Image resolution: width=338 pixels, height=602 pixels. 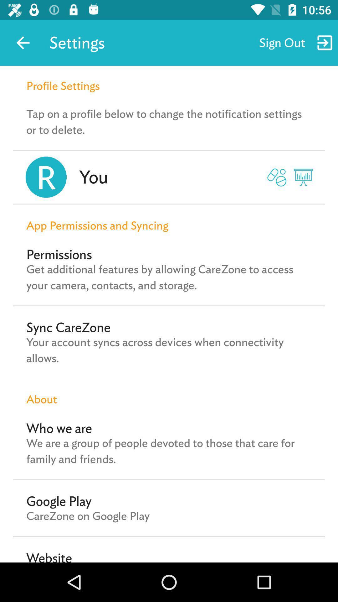 I want to click on the get additional features icon, so click(x=169, y=277).